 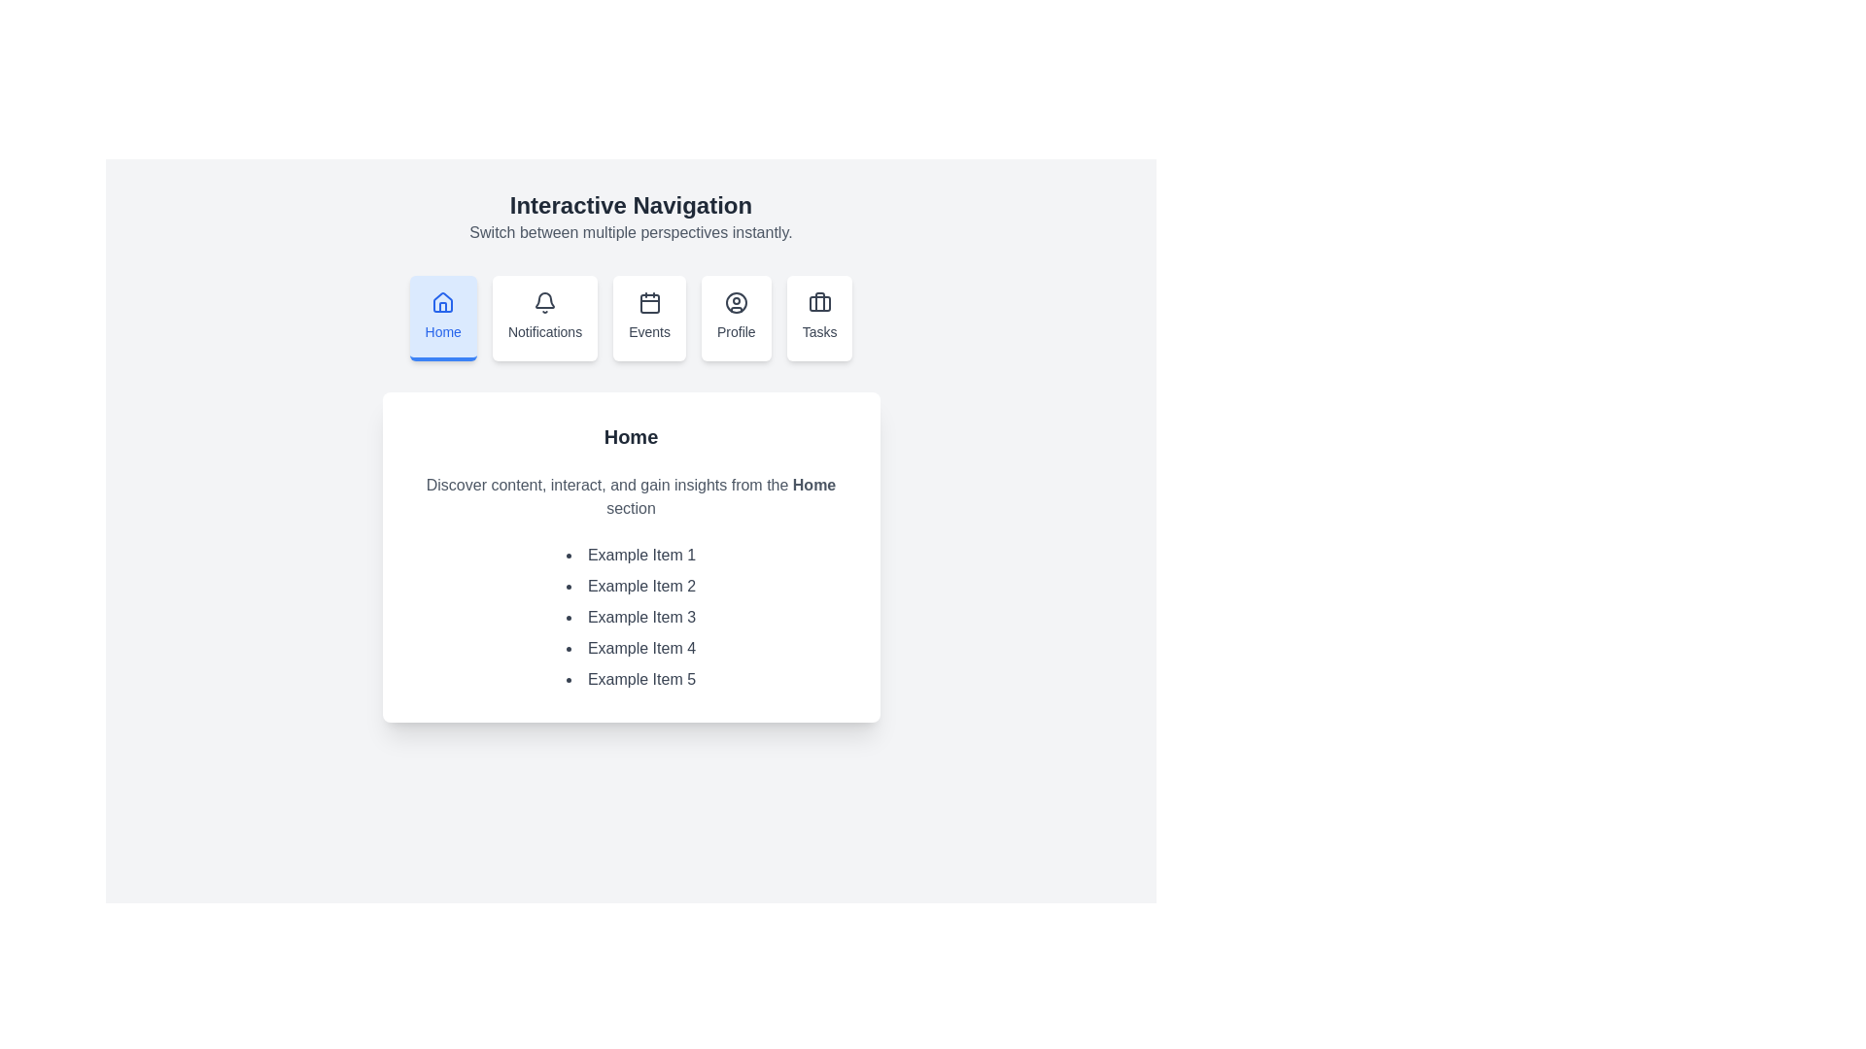 I want to click on the text label displaying 'Events', which is located at the bottom of a card beneath a calendar icon, so click(x=649, y=331).